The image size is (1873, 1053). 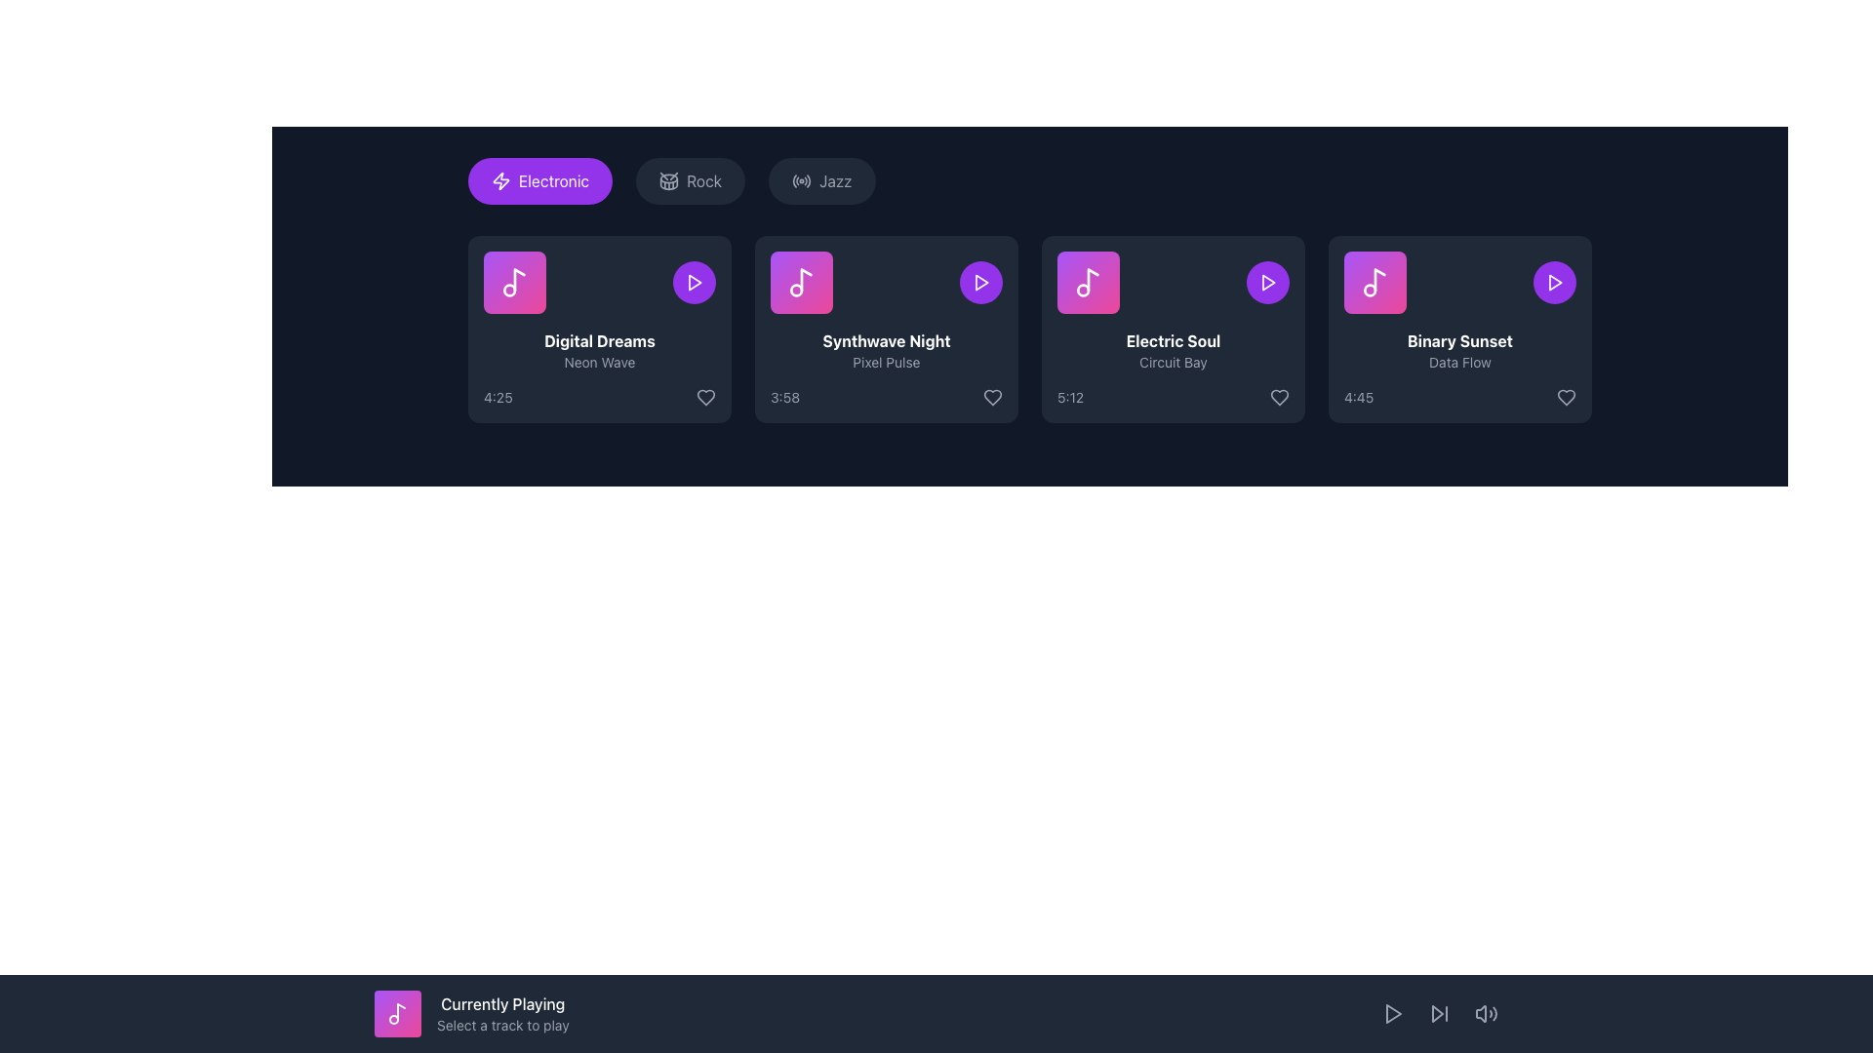 What do you see at coordinates (992, 397) in the screenshot?
I see `the heart button located at the bottom-right corner of the 'Synthwave Night' card to like the song` at bounding box center [992, 397].